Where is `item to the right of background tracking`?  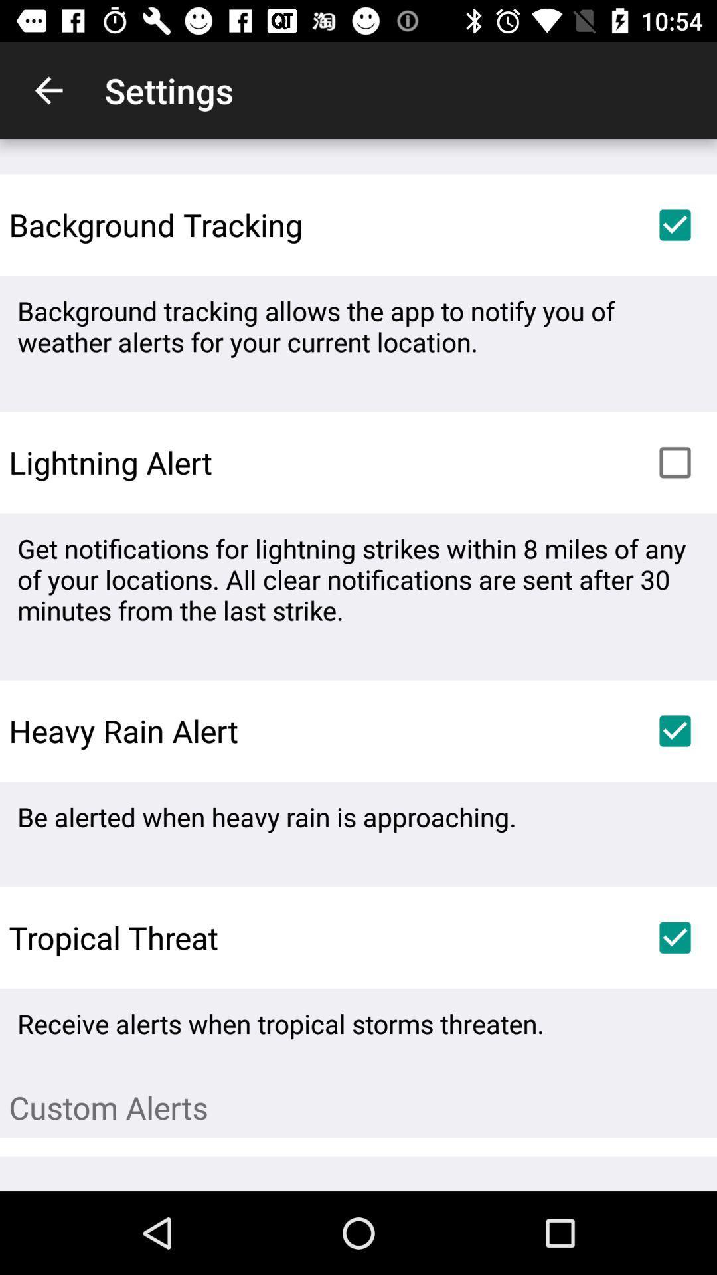 item to the right of background tracking is located at coordinates (675, 225).